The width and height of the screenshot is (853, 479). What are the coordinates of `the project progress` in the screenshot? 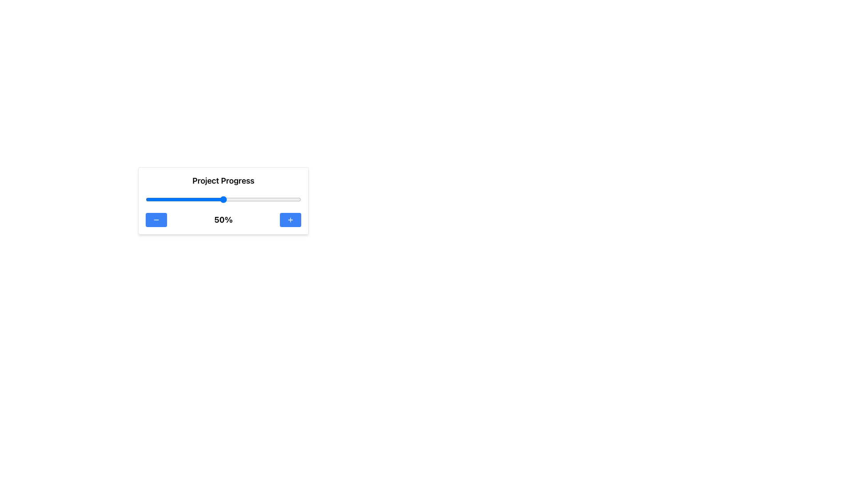 It's located at (219, 200).